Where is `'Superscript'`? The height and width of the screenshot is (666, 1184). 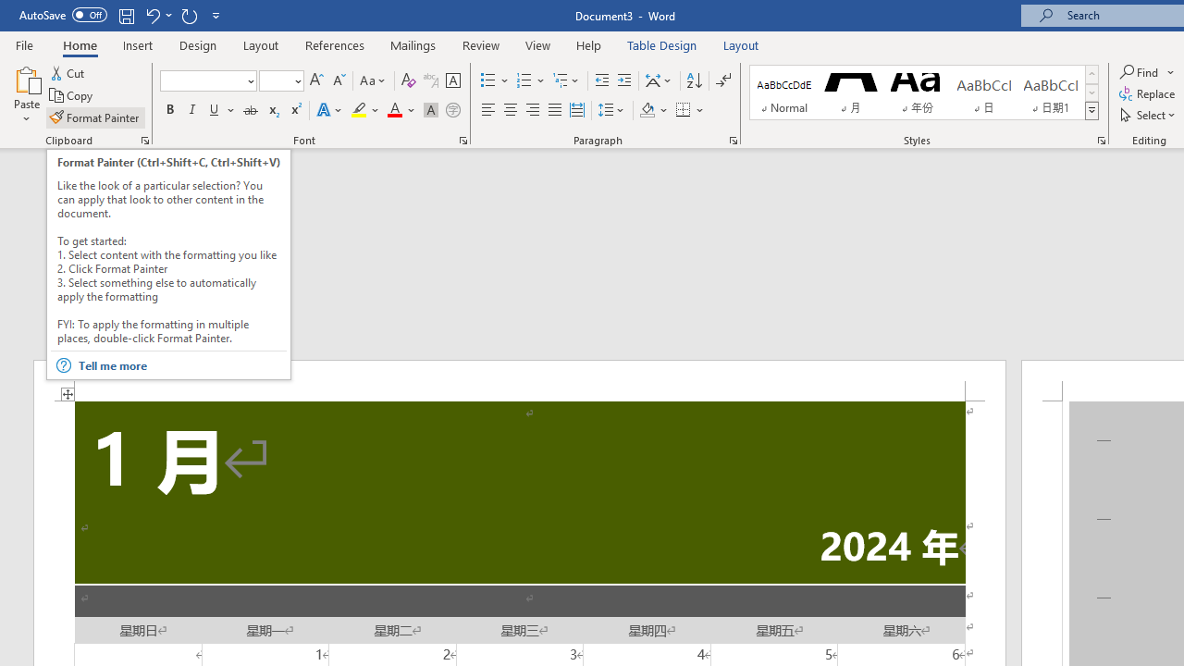 'Superscript' is located at coordinates (294, 110).